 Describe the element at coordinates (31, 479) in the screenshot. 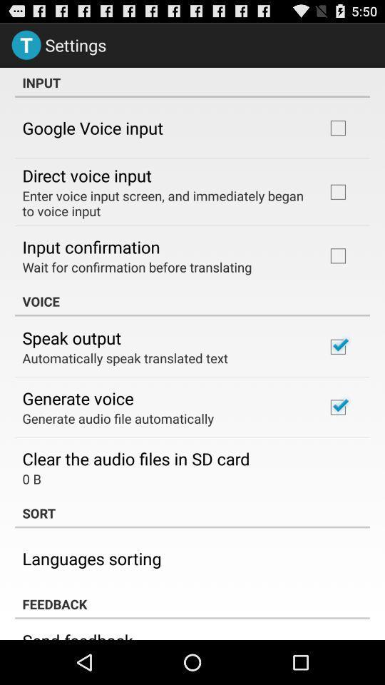

I see `0 b` at that location.